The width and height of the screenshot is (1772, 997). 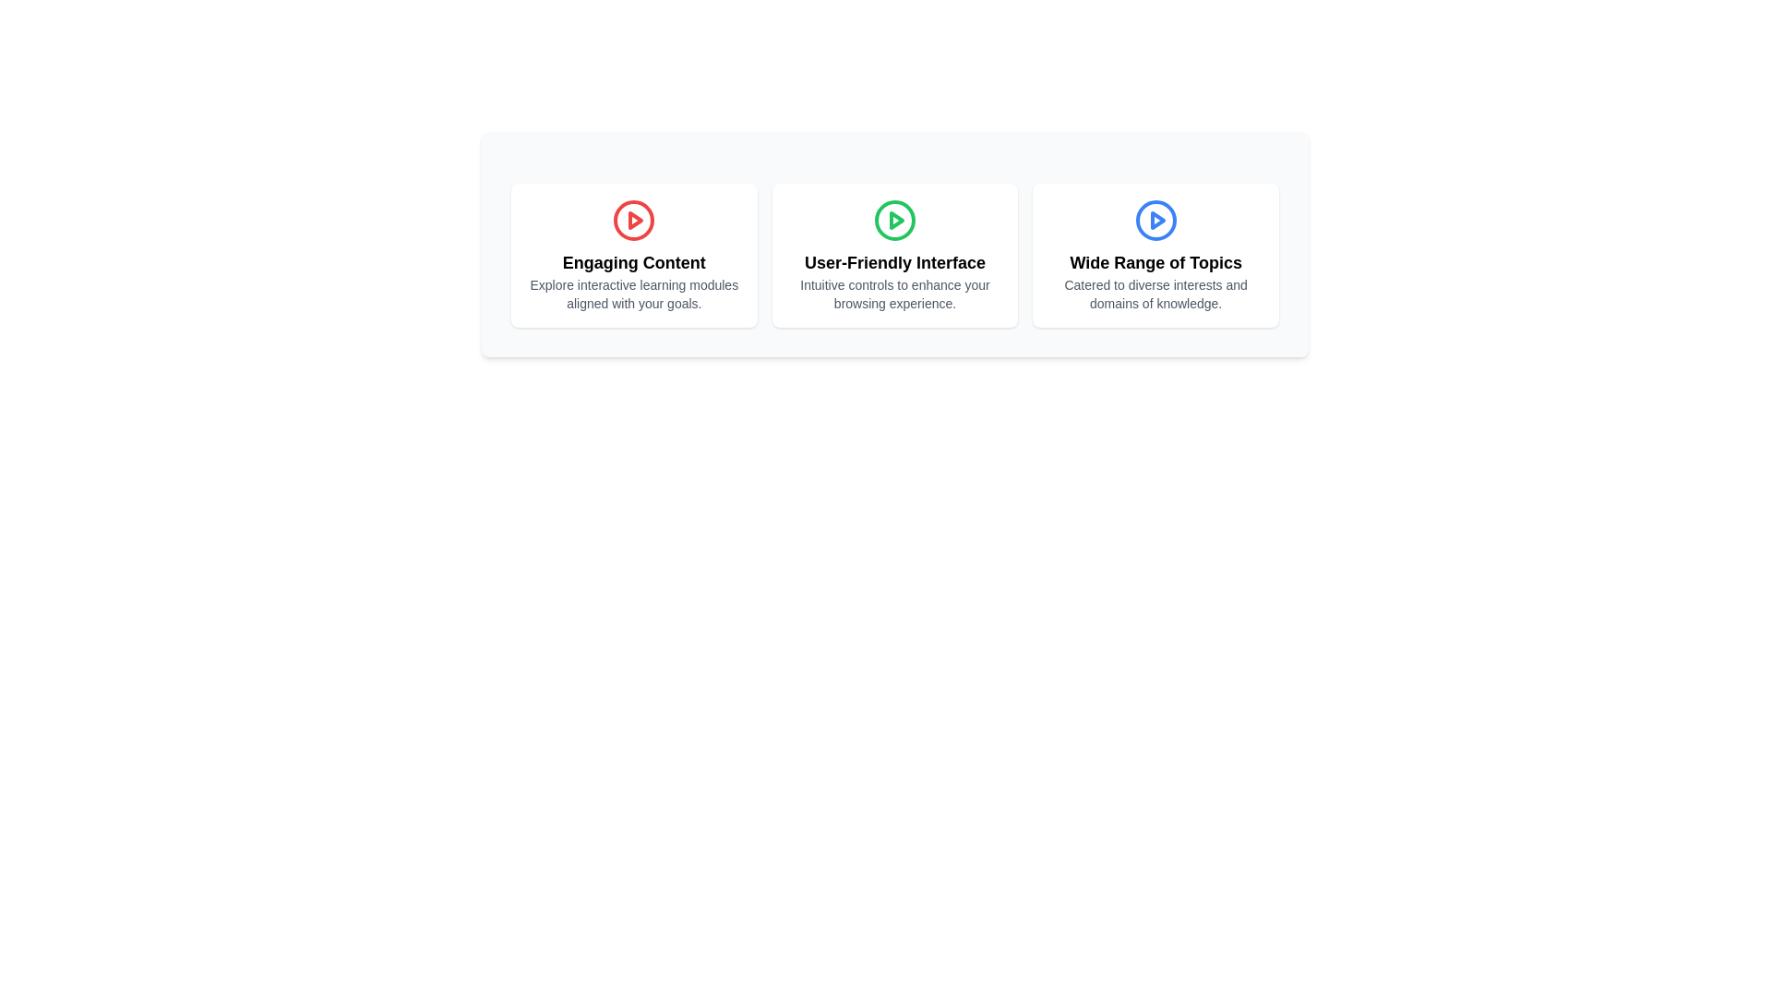 I want to click on the circular play icon button with a blue outline and a white triangular play symbol located at the top-center of the 'Wide Range of Topics' content card to initiate playback, so click(x=1155, y=220).